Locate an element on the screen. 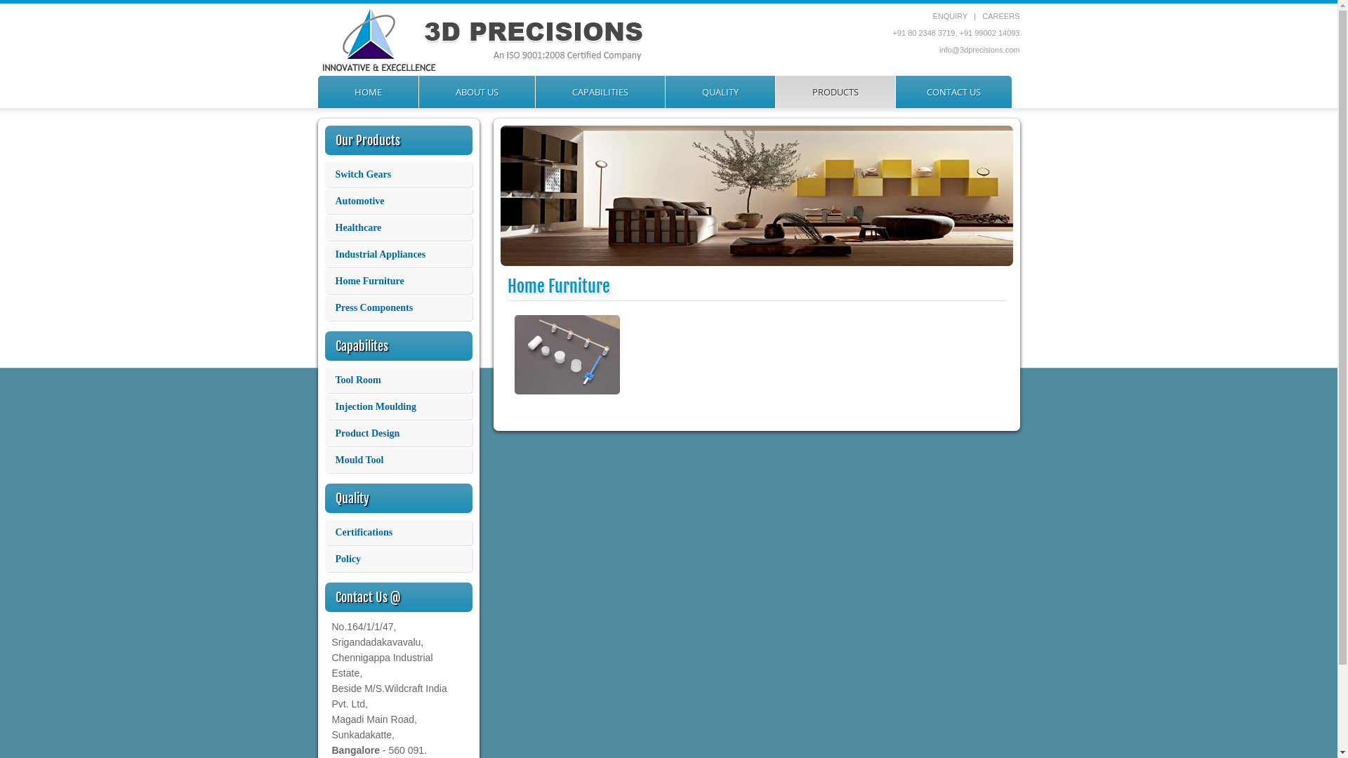 This screenshot has width=1348, height=758. 'CAPABILITIES' is located at coordinates (600, 92).